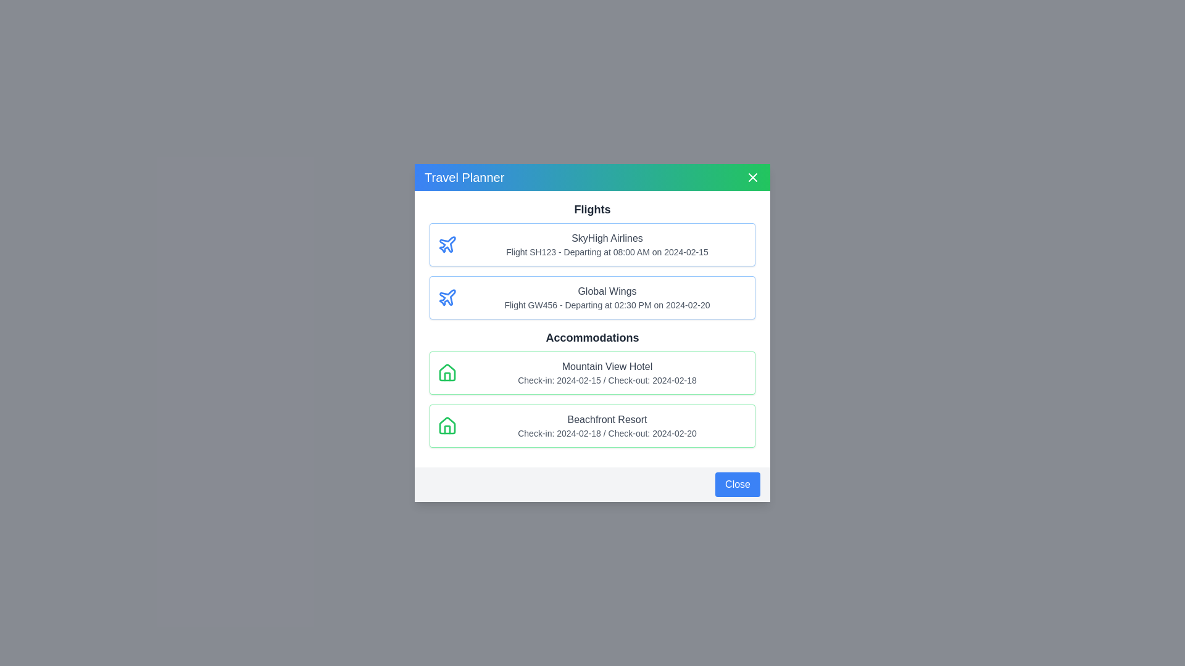  Describe the element at coordinates (607, 245) in the screenshot. I see `the text display element containing the airline name 'SkyHigh Airlines' and flight information, which is the first item in the 'Flights' list` at that location.